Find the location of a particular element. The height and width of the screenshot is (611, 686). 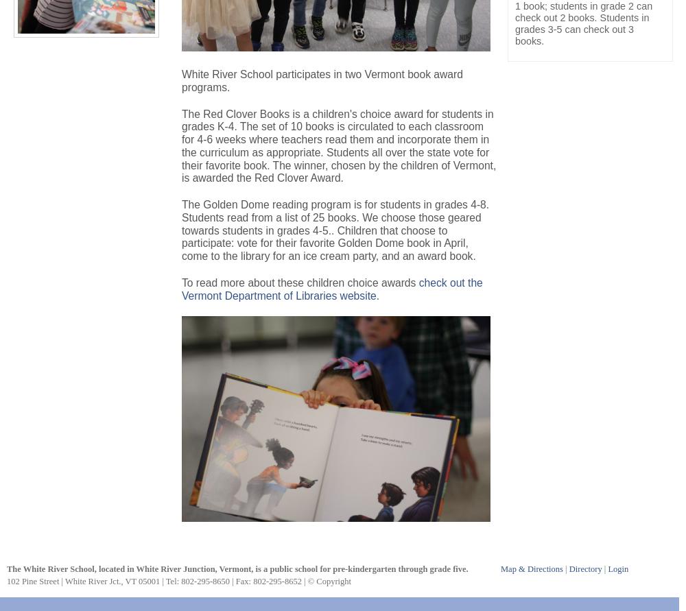

'The Red Clover Books is a children's choice award for students in grades K-4. The set of 10 books is circulated to each classroom for 4-6 weeks where teachers read them and incorporate them in the curriculum as appropriate. Students all over the state vote for their favorite book. The winner, chosen by the children of Vermont, is awarded the Red Clover Award.' is located at coordinates (338, 145).